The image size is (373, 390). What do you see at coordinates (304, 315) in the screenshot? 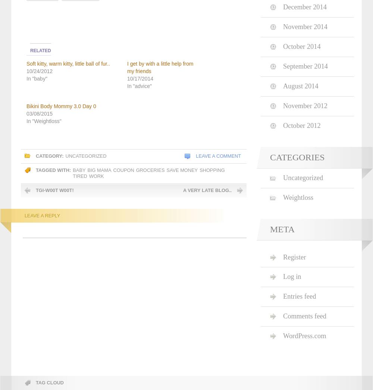
I see `'Comments feed'` at bounding box center [304, 315].